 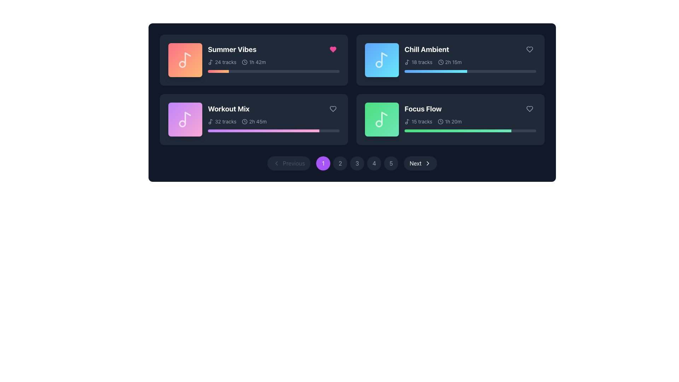 What do you see at coordinates (470, 117) in the screenshot?
I see `to select the Information card for the 'Focus Flow' playlist, which displays the number of tracks and total duration, located in the bottom-right quadrant of the interface` at bounding box center [470, 117].